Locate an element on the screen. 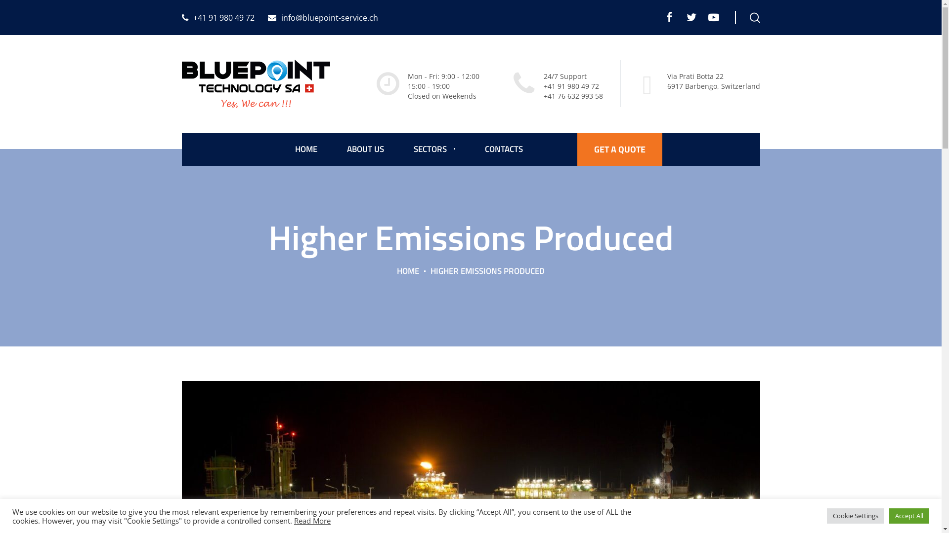  'ABOUT US' is located at coordinates (365, 149).